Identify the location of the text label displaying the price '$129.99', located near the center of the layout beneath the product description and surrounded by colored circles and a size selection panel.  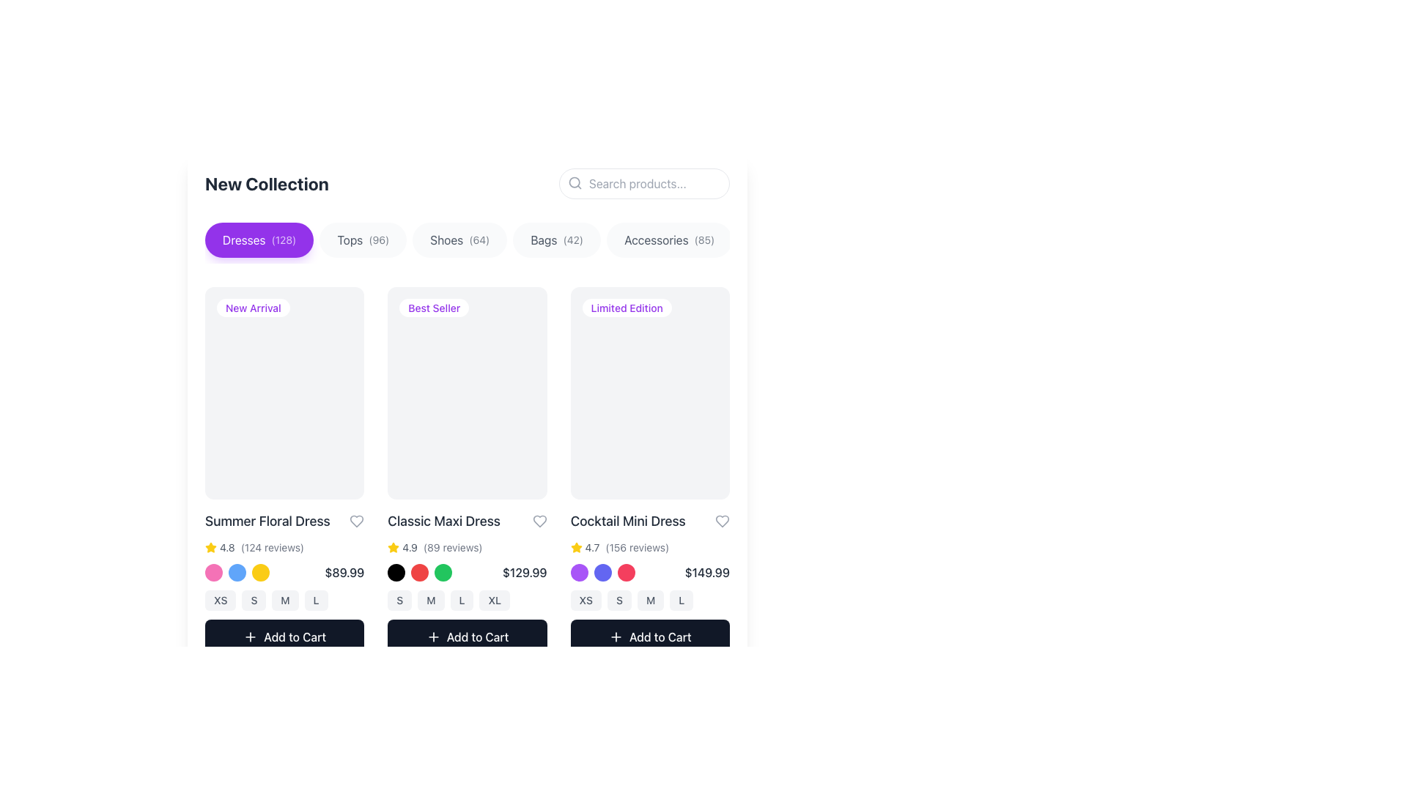
(525, 571).